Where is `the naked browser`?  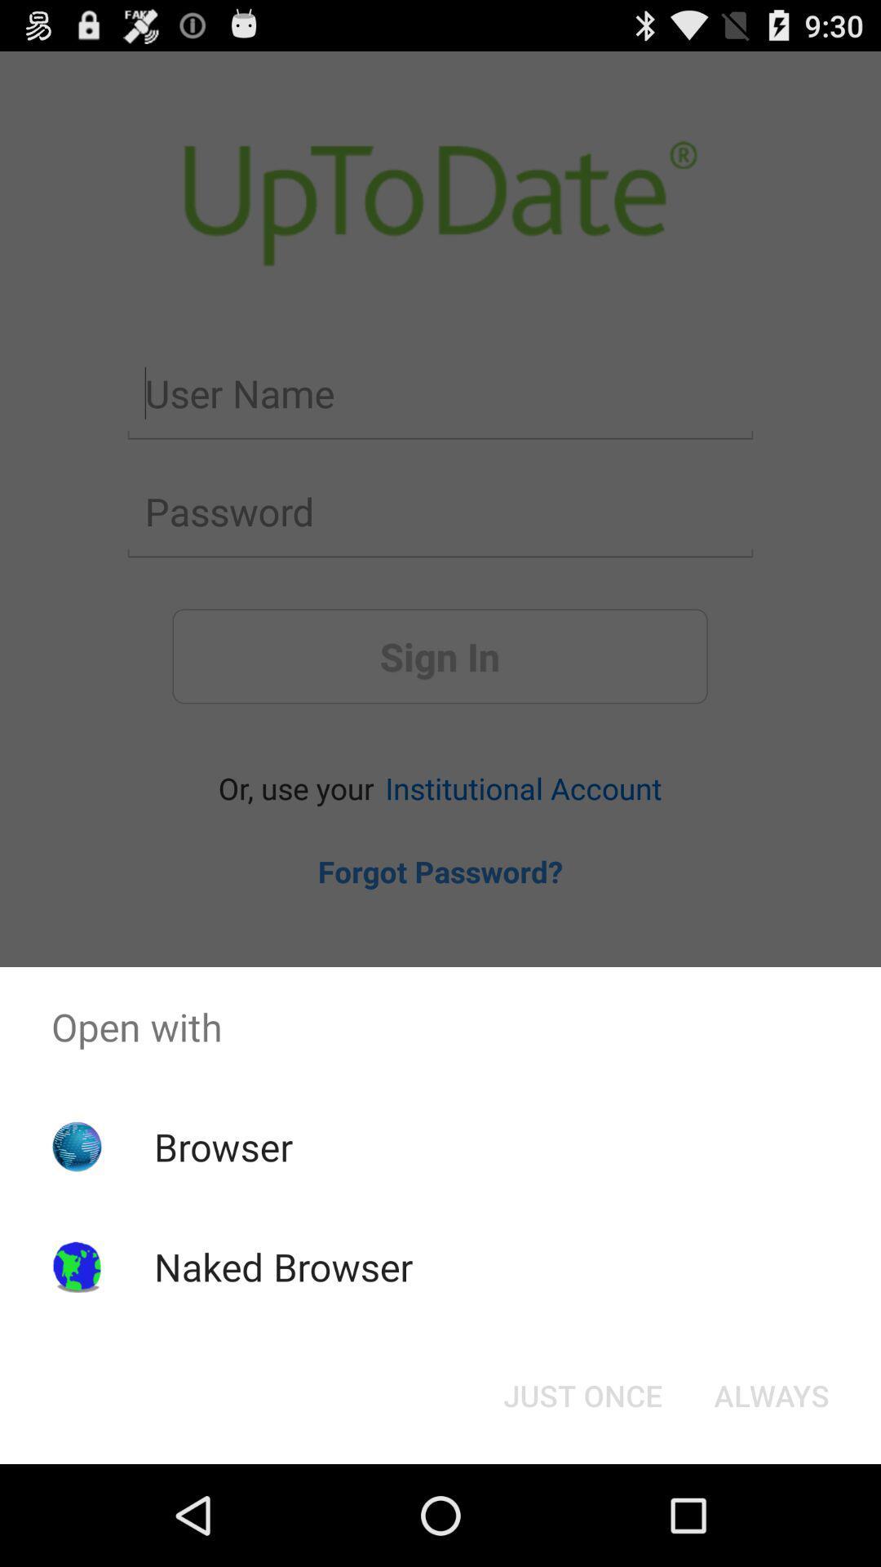 the naked browser is located at coordinates (282, 1266).